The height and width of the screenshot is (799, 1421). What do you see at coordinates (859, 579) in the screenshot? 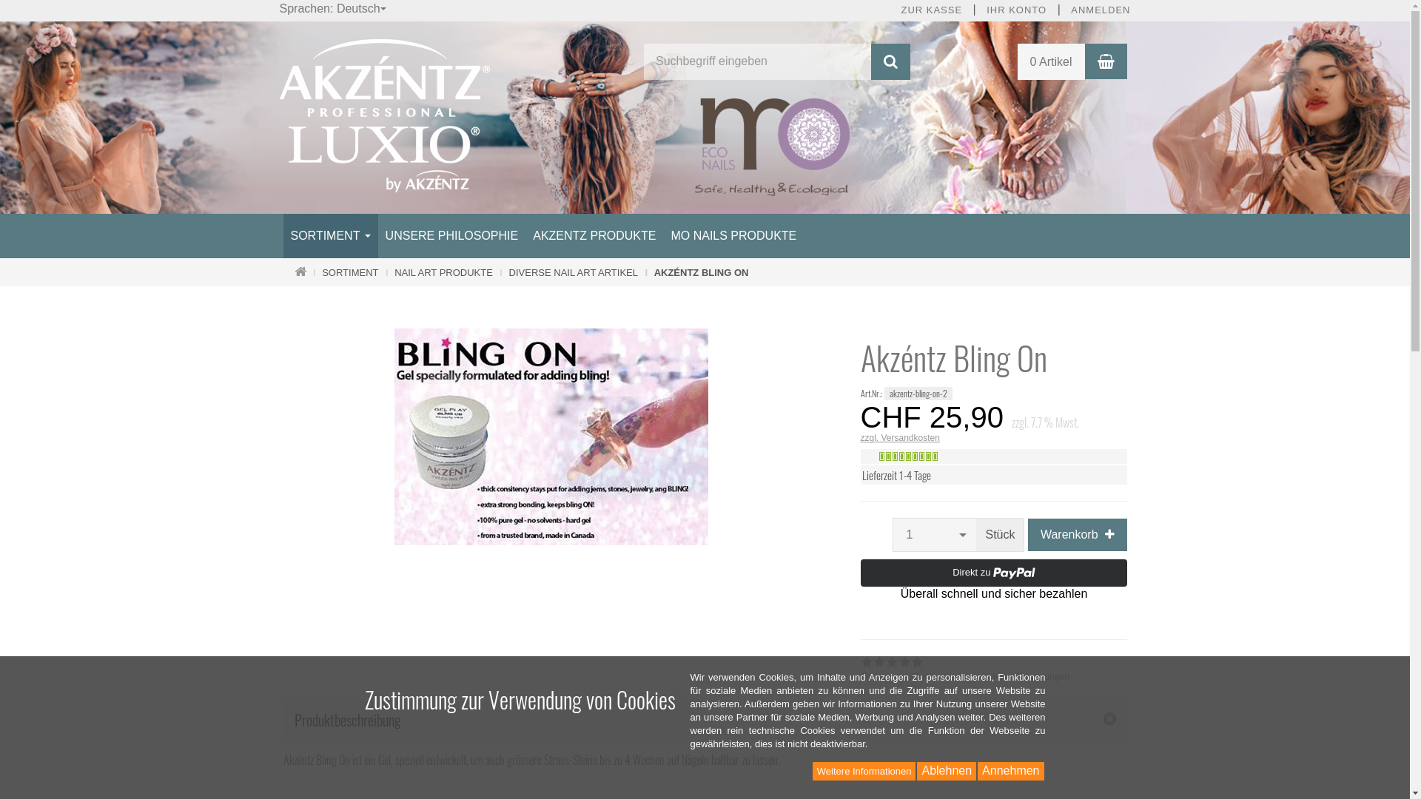
I see `'PayPal'` at bounding box center [859, 579].